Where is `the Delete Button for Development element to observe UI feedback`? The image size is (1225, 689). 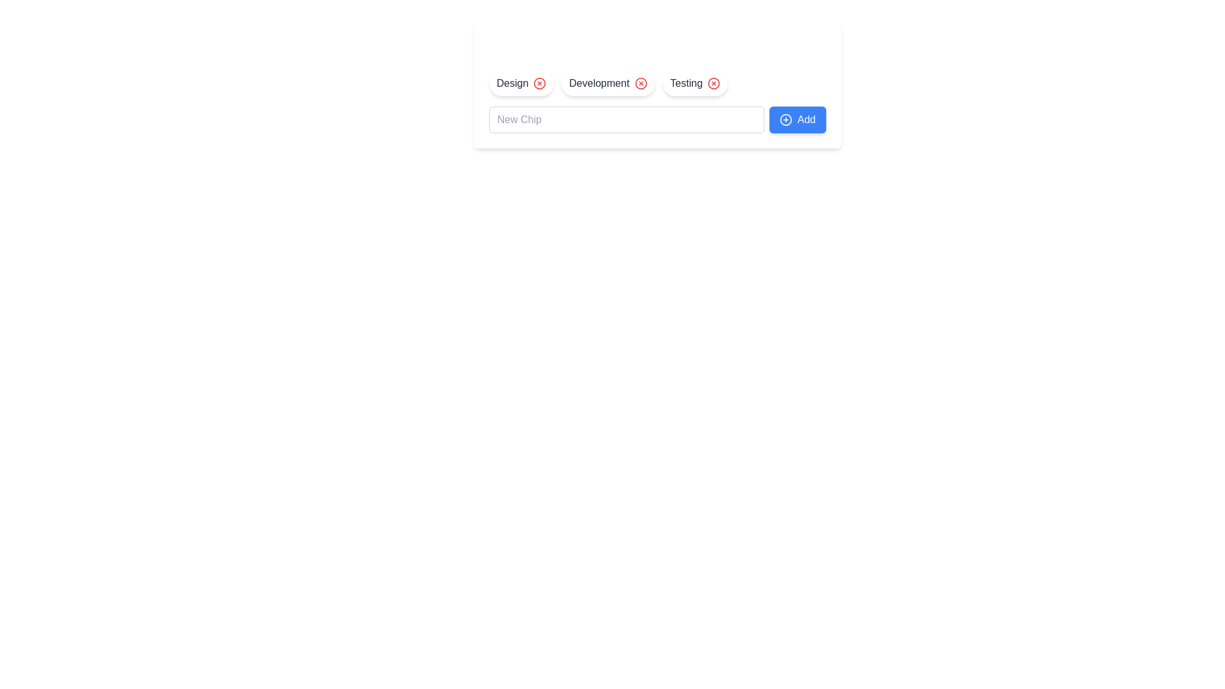 the Delete Button for Development element to observe UI feedback is located at coordinates (641, 84).